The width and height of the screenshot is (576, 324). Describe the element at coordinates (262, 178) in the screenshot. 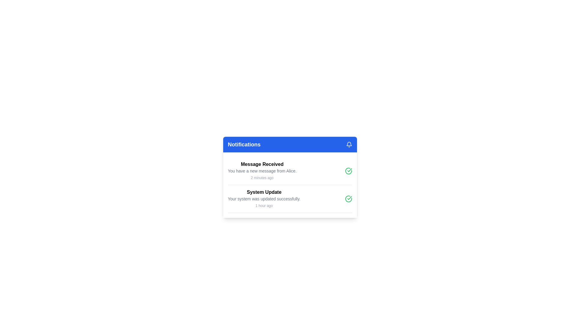

I see `the timestamp text label that indicates the time elapsed since the event occurred in the notification, located below 'You have a new message from Alice.'` at that location.